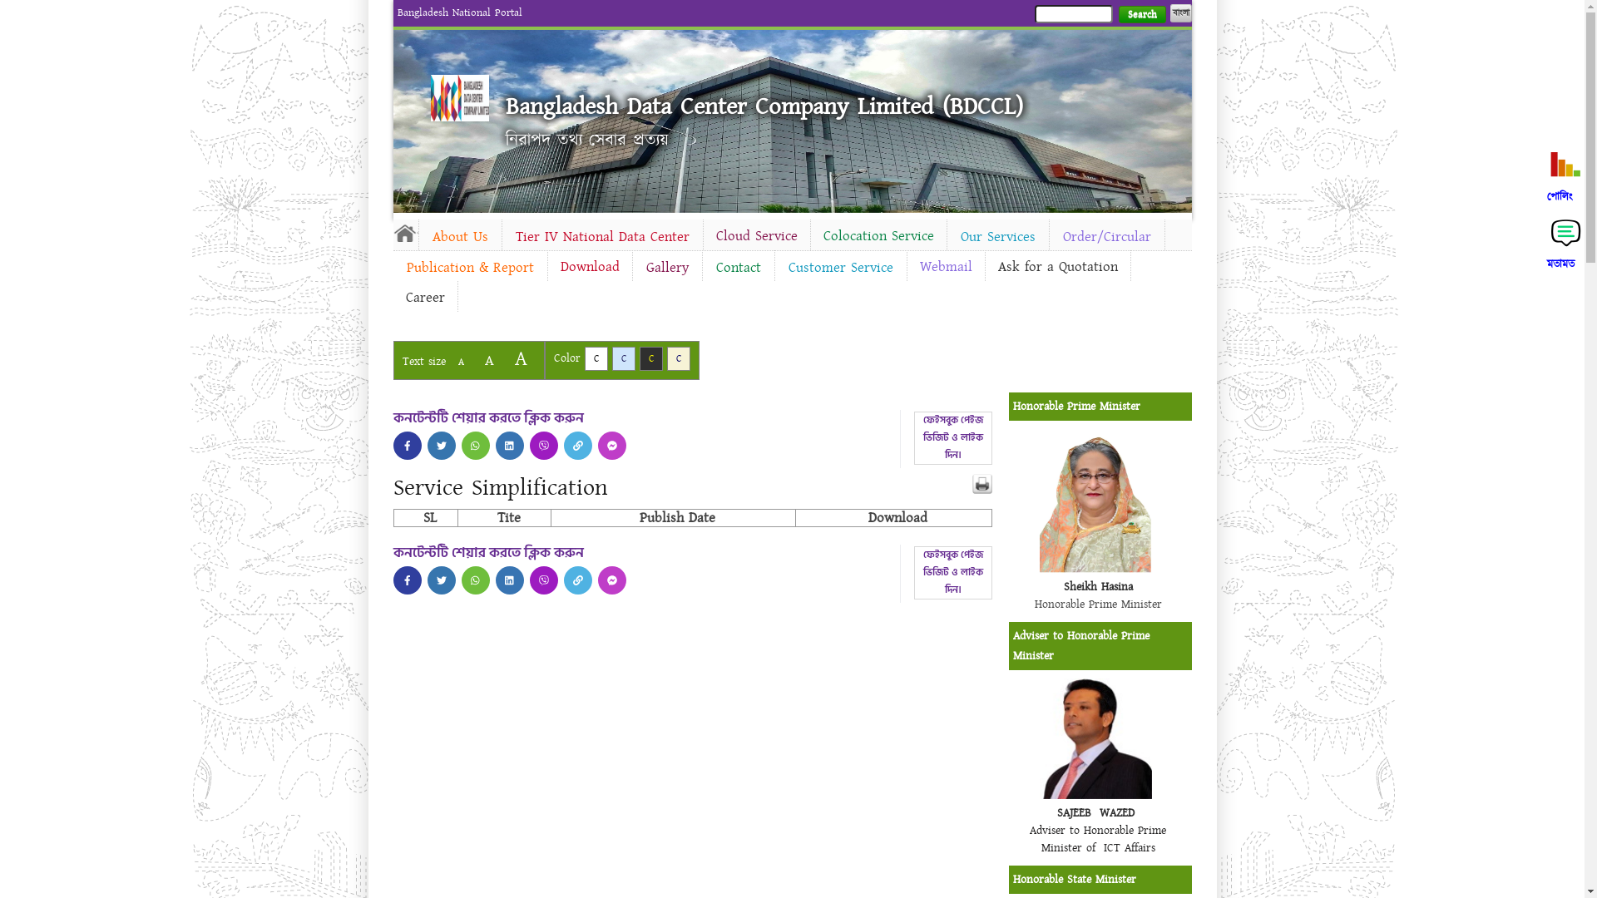 This screenshot has width=1597, height=898. What do you see at coordinates (679, 358) in the screenshot?
I see `'C'` at bounding box center [679, 358].